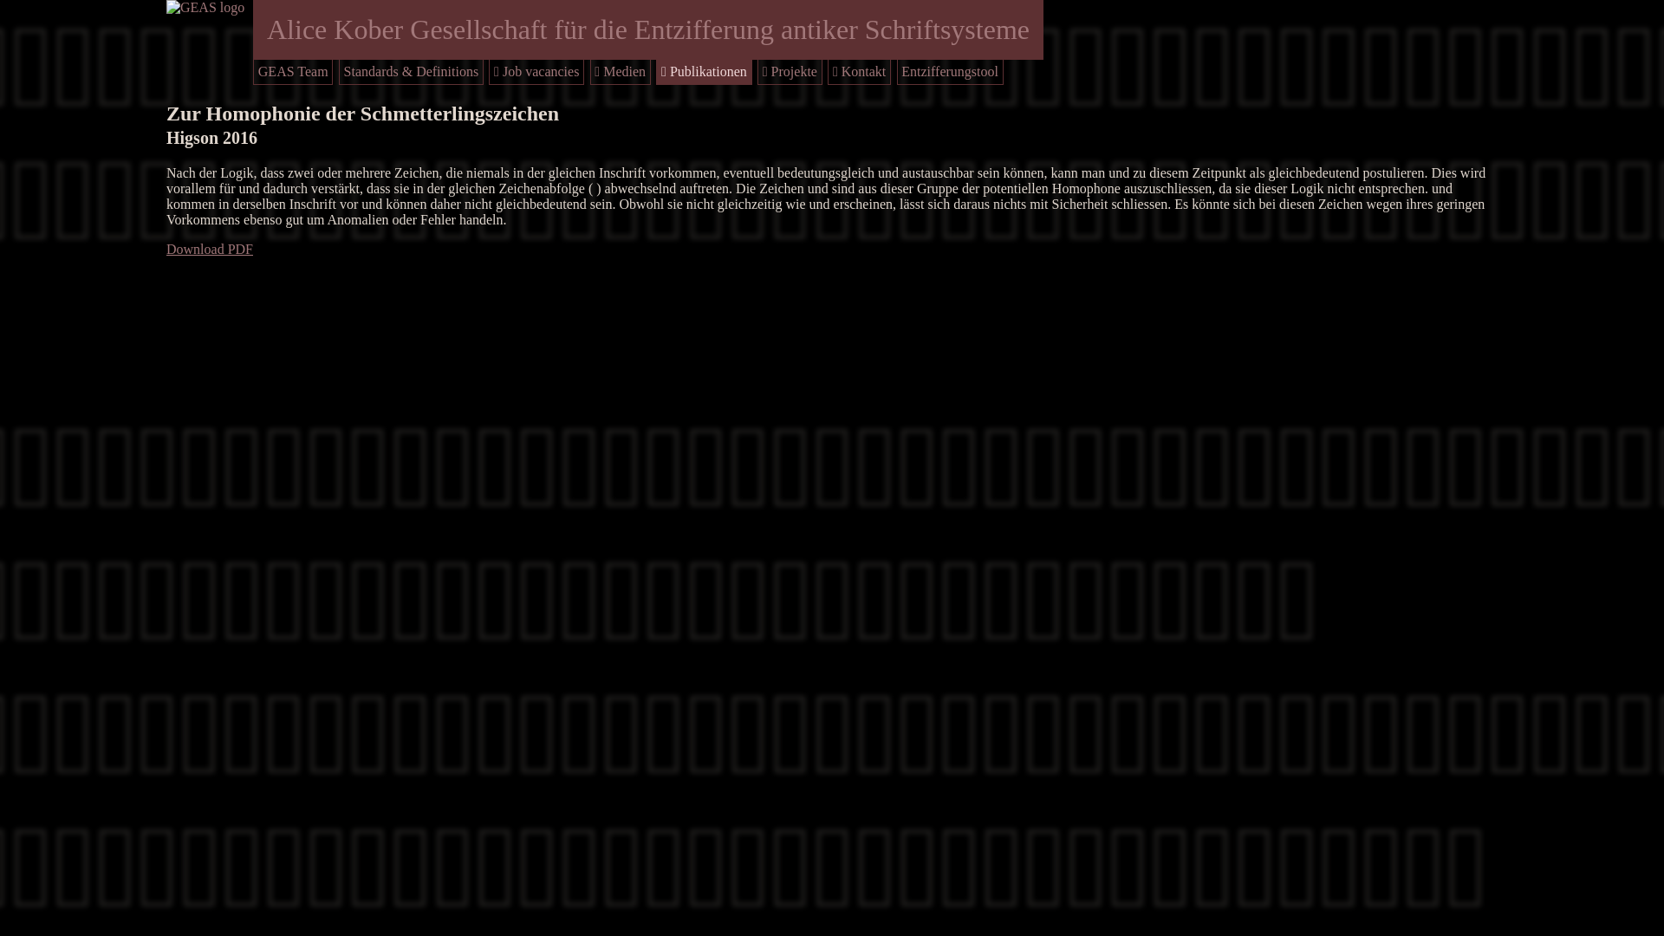  What do you see at coordinates (293, 70) in the screenshot?
I see `'GEAS Team'` at bounding box center [293, 70].